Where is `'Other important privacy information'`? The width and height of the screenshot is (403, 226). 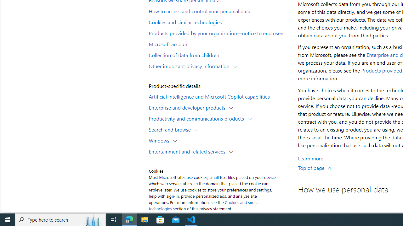 'Other important privacy information' is located at coordinates (190, 66).